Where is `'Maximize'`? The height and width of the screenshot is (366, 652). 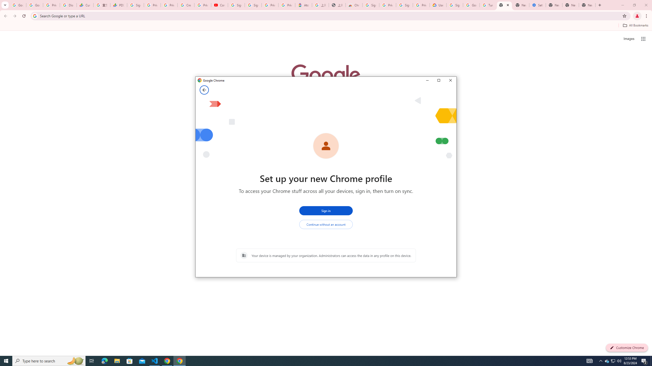
'Maximize' is located at coordinates (438, 81).